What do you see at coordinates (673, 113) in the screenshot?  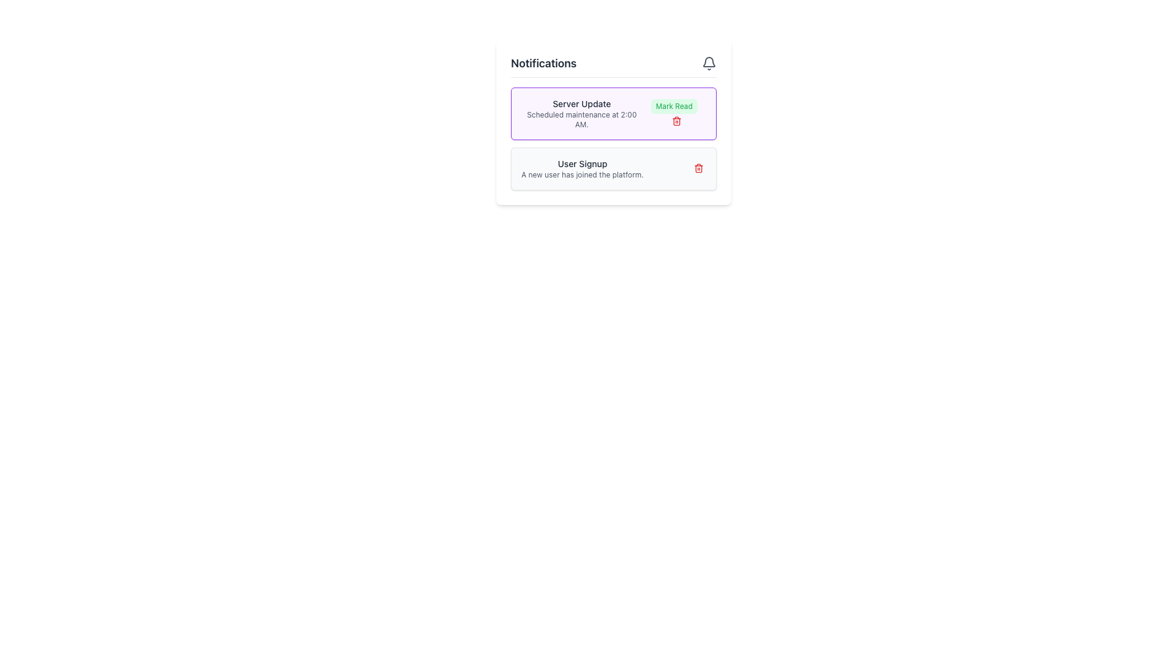 I see `the button located in the top notification section to the right of 'Server Update' to mark the associated notification as read` at bounding box center [673, 113].